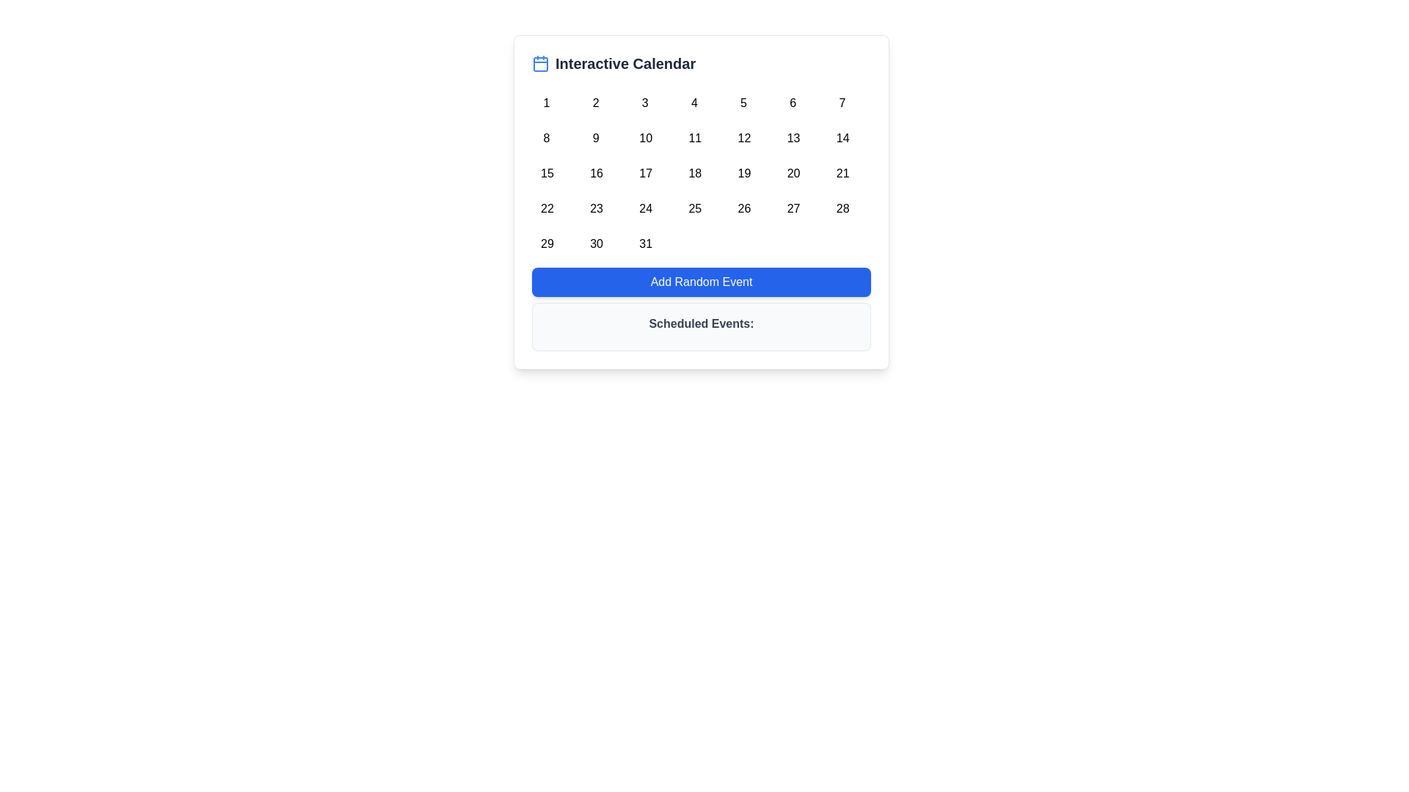 The height and width of the screenshot is (792, 1409). Describe the element at coordinates (545, 240) in the screenshot. I see `the button displaying the number '29' in bold typography` at that location.